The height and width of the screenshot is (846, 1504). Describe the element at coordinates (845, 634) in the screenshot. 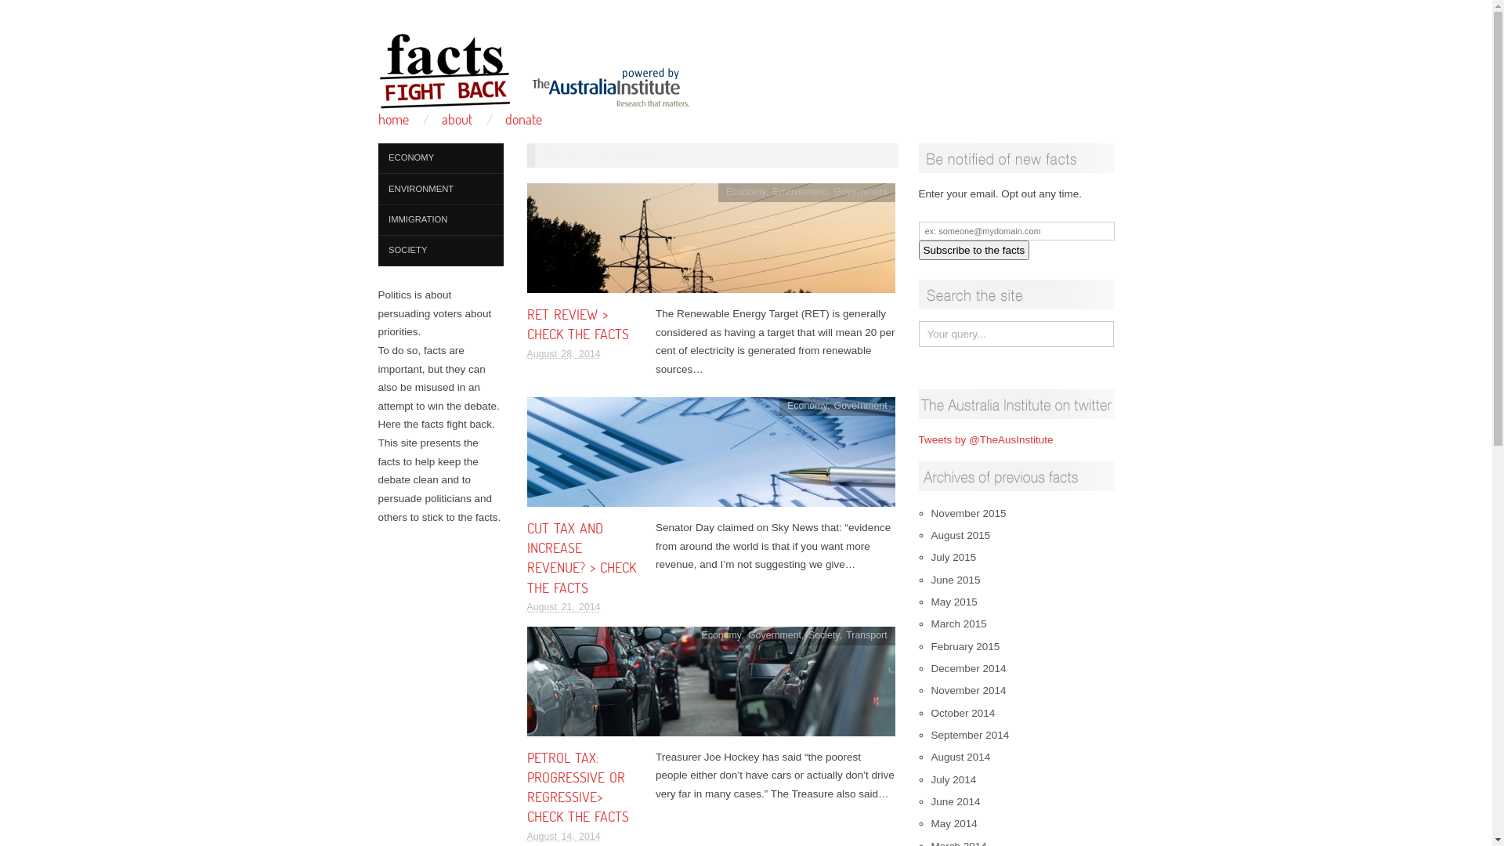

I see `'Transport'` at that location.